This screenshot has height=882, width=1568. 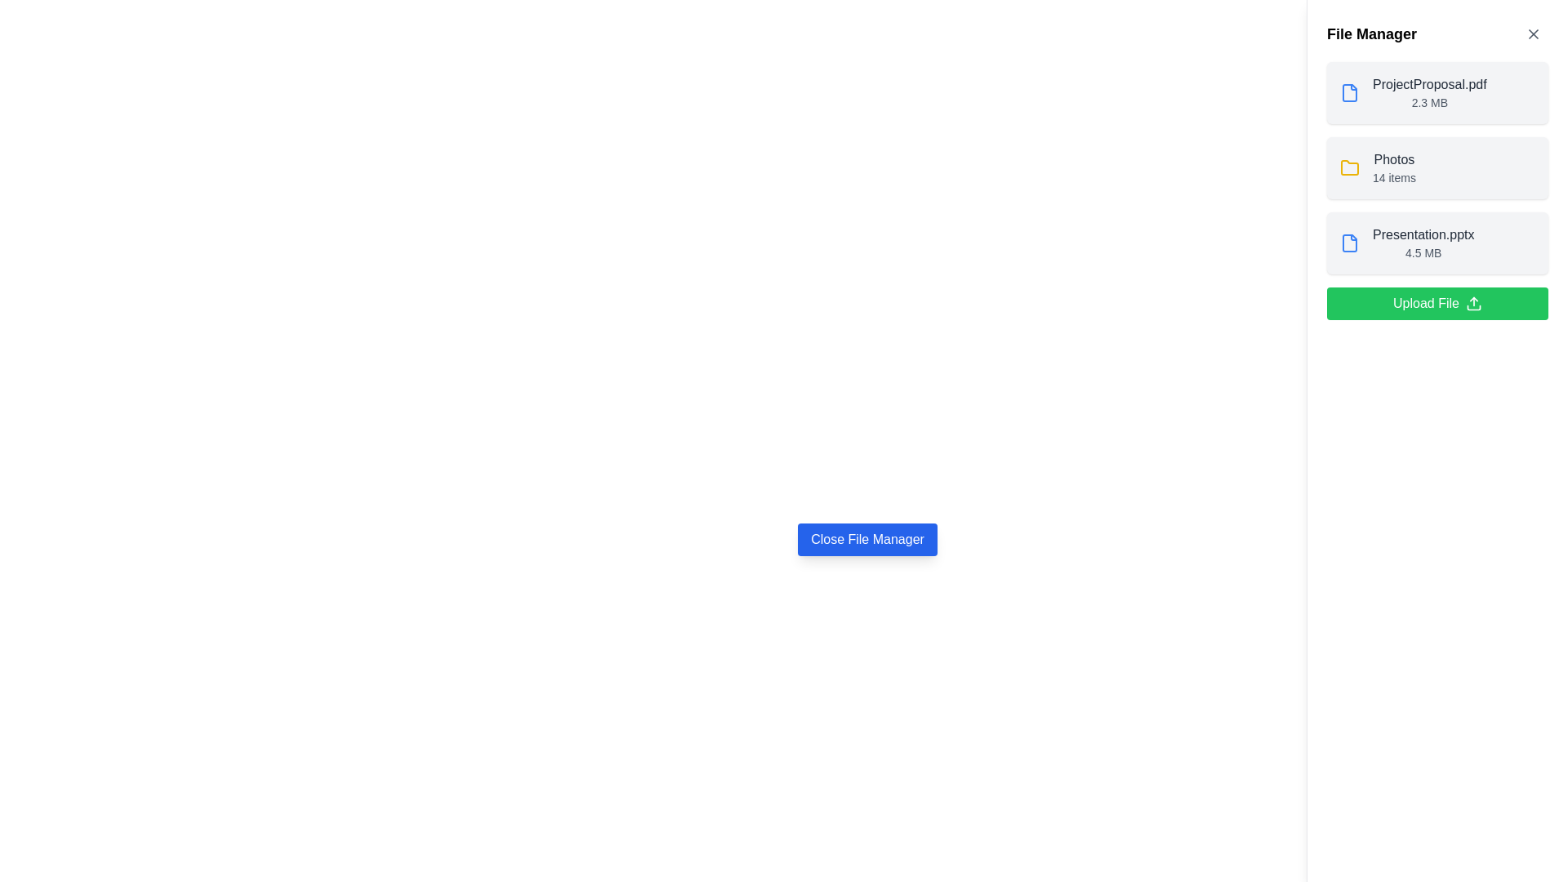 I want to click on the second folder entry labeled 'Photos' in the file manager, located in the right-side panel, so click(x=1437, y=167).